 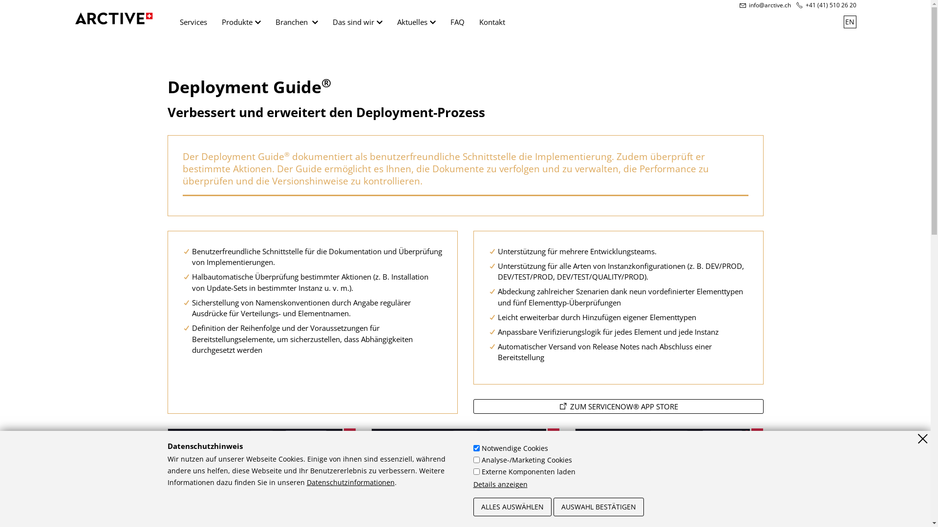 What do you see at coordinates (825, 5) in the screenshot?
I see `'+41 (41) 510 26 20'` at bounding box center [825, 5].